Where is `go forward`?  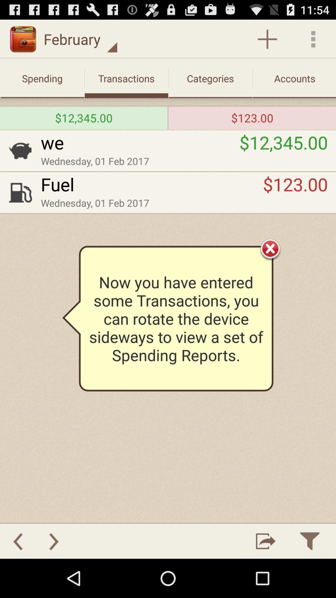 go forward is located at coordinates (54, 541).